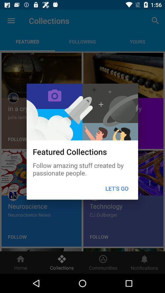 The width and height of the screenshot is (165, 293). Describe the element at coordinates (117, 188) in the screenshot. I see `item below the follow amazing stuff icon` at that location.